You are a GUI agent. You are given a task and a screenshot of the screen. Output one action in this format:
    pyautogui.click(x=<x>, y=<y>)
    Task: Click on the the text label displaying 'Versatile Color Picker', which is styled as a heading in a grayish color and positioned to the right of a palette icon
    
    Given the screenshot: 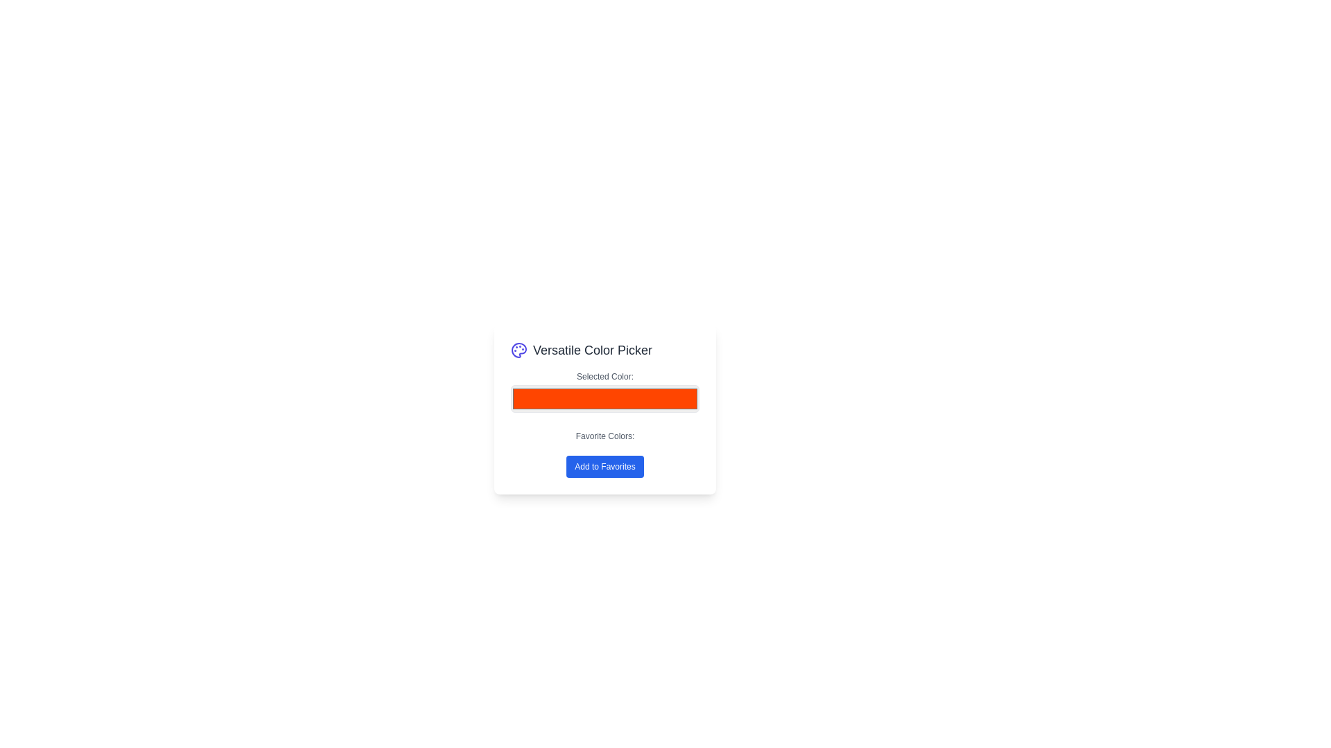 What is the action you would take?
    pyautogui.click(x=592, y=349)
    